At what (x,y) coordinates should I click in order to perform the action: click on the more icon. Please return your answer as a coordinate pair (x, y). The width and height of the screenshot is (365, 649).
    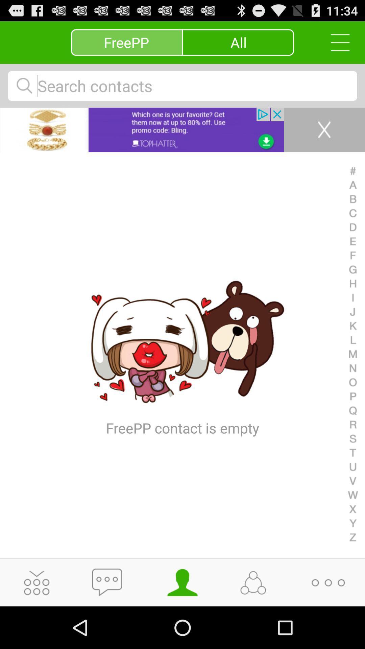
    Looking at the image, I should click on (328, 623).